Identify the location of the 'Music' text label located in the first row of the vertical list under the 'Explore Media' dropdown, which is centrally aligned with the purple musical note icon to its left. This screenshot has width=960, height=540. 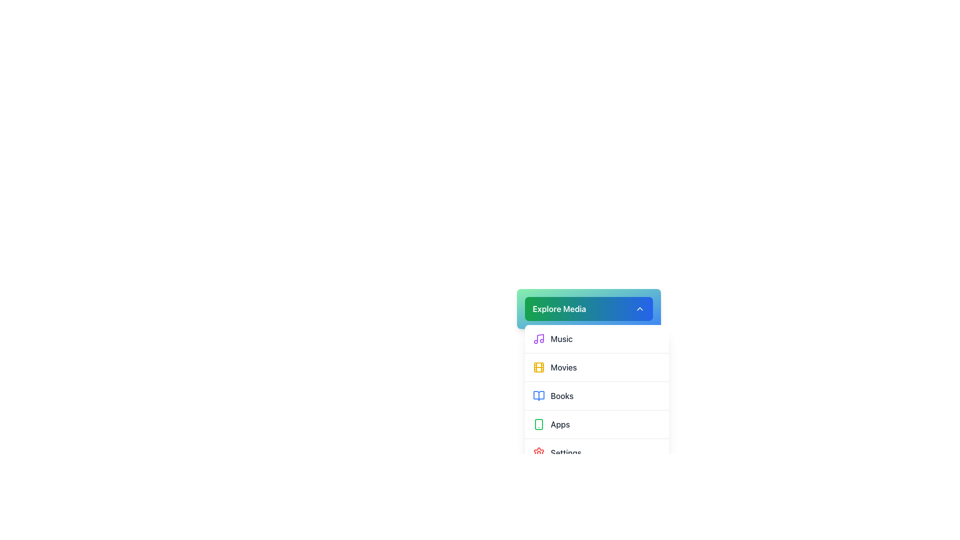
(561, 338).